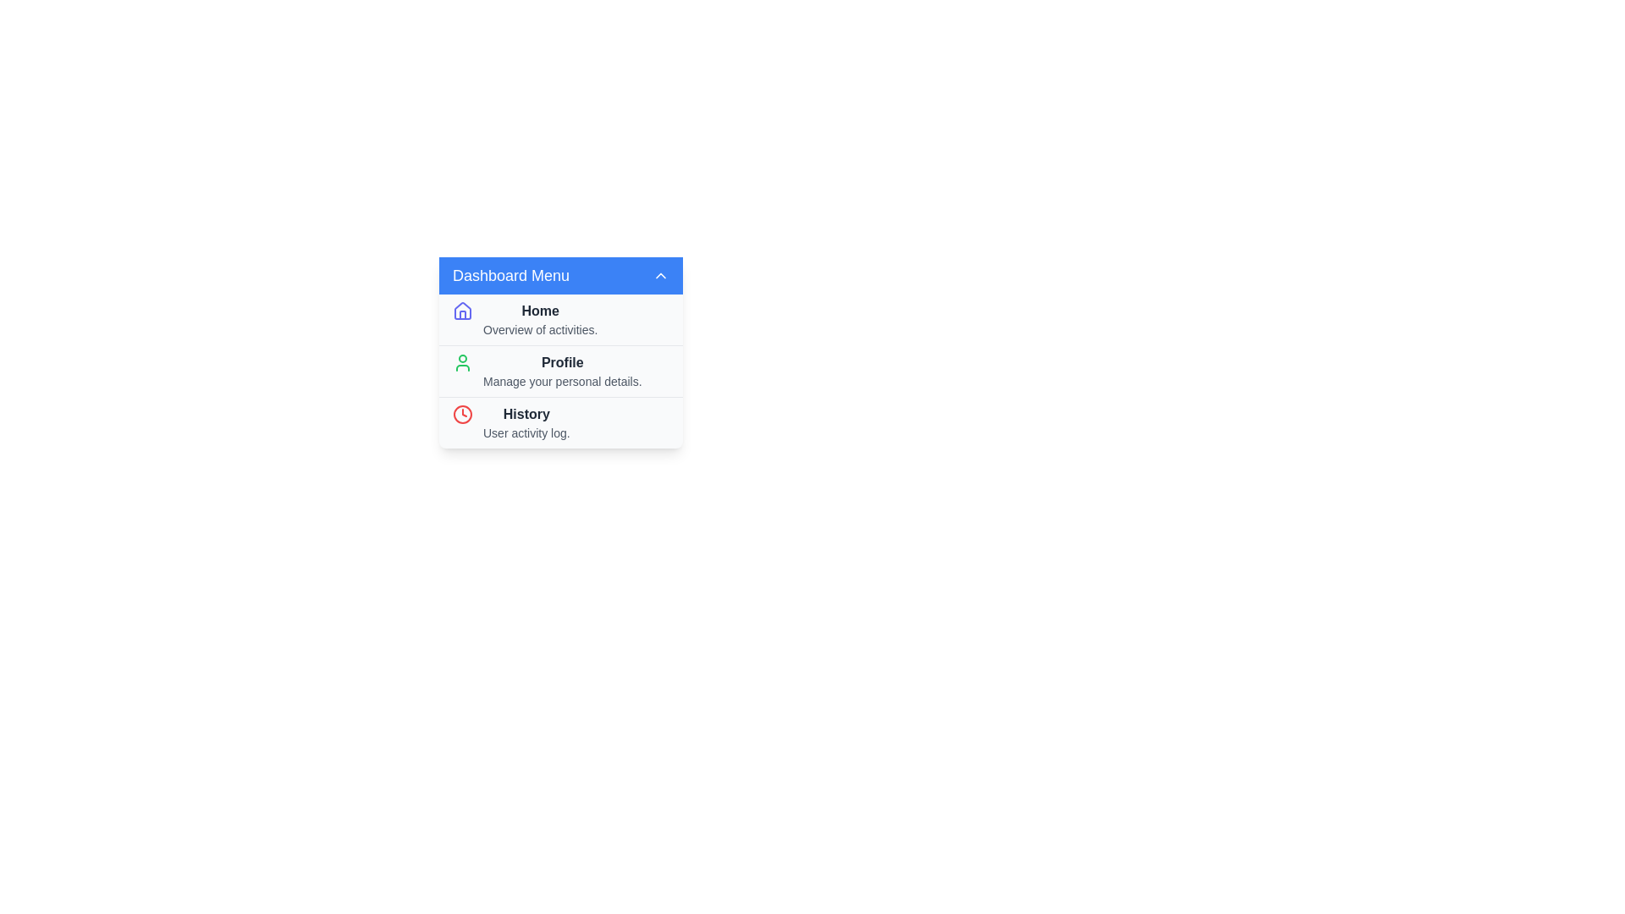  Describe the element at coordinates (526, 422) in the screenshot. I see `the third entry in the vertical navigation menu, which is likely used for navigating to the 'History' or 'Activity Log' page` at that location.